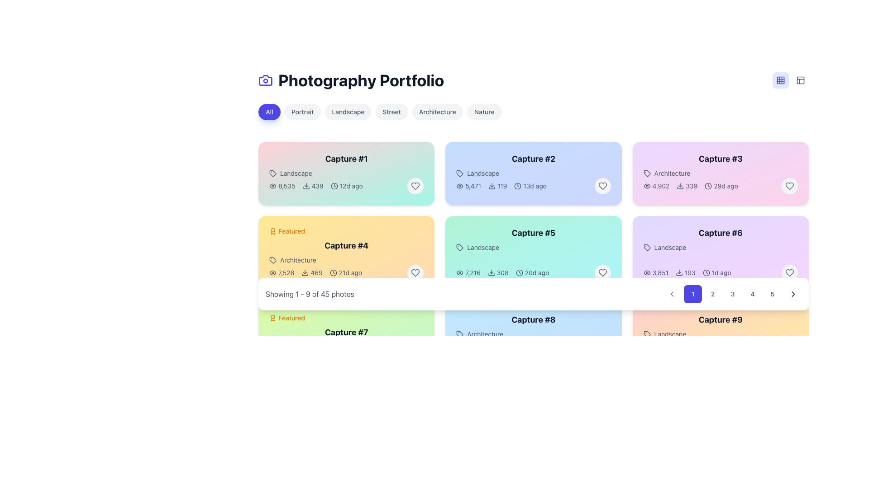  What do you see at coordinates (348, 111) in the screenshot?
I see `the 'Landscape' button, the third button in the horizontal list located beneath the title 'Photography Portfolio'` at bounding box center [348, 111].